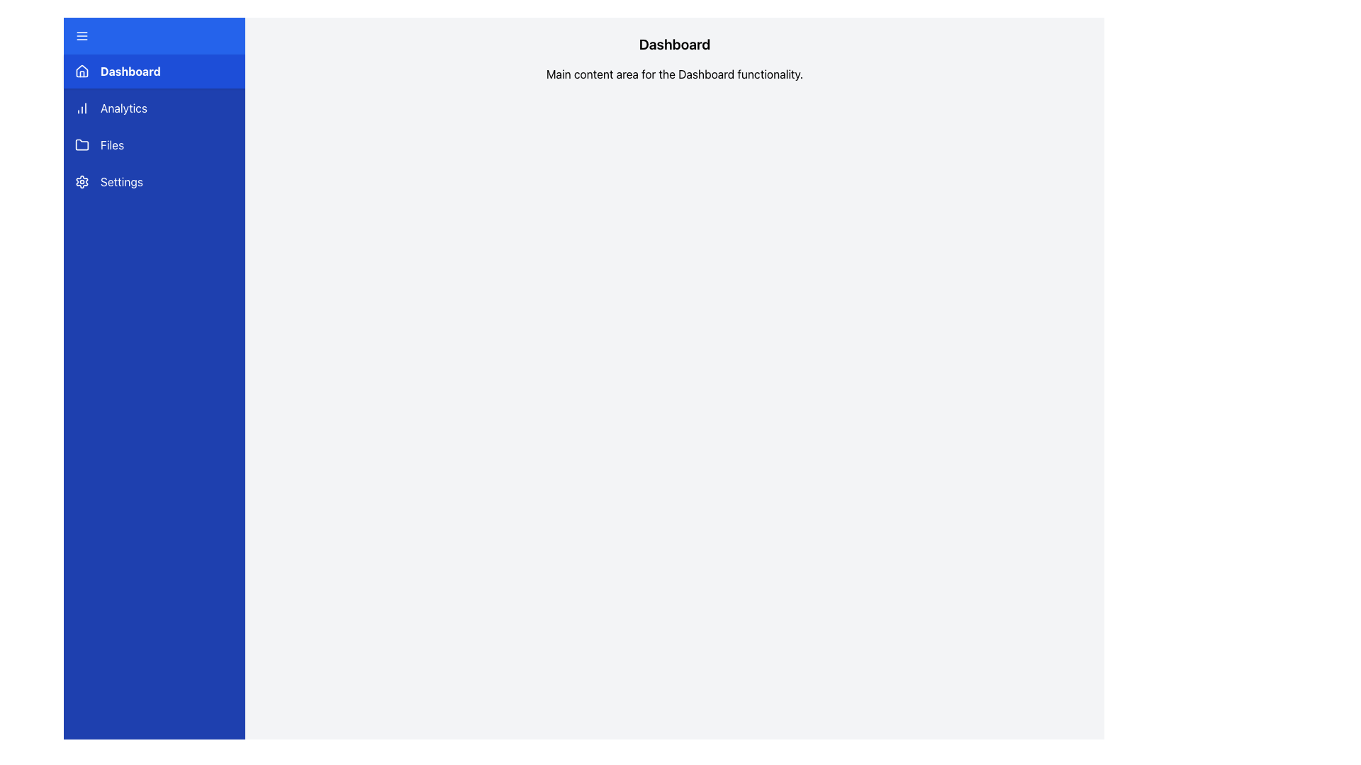  I want to click on the home icon located in the left sidebar, beside the 'Dashboard' text, so click(81, 71).